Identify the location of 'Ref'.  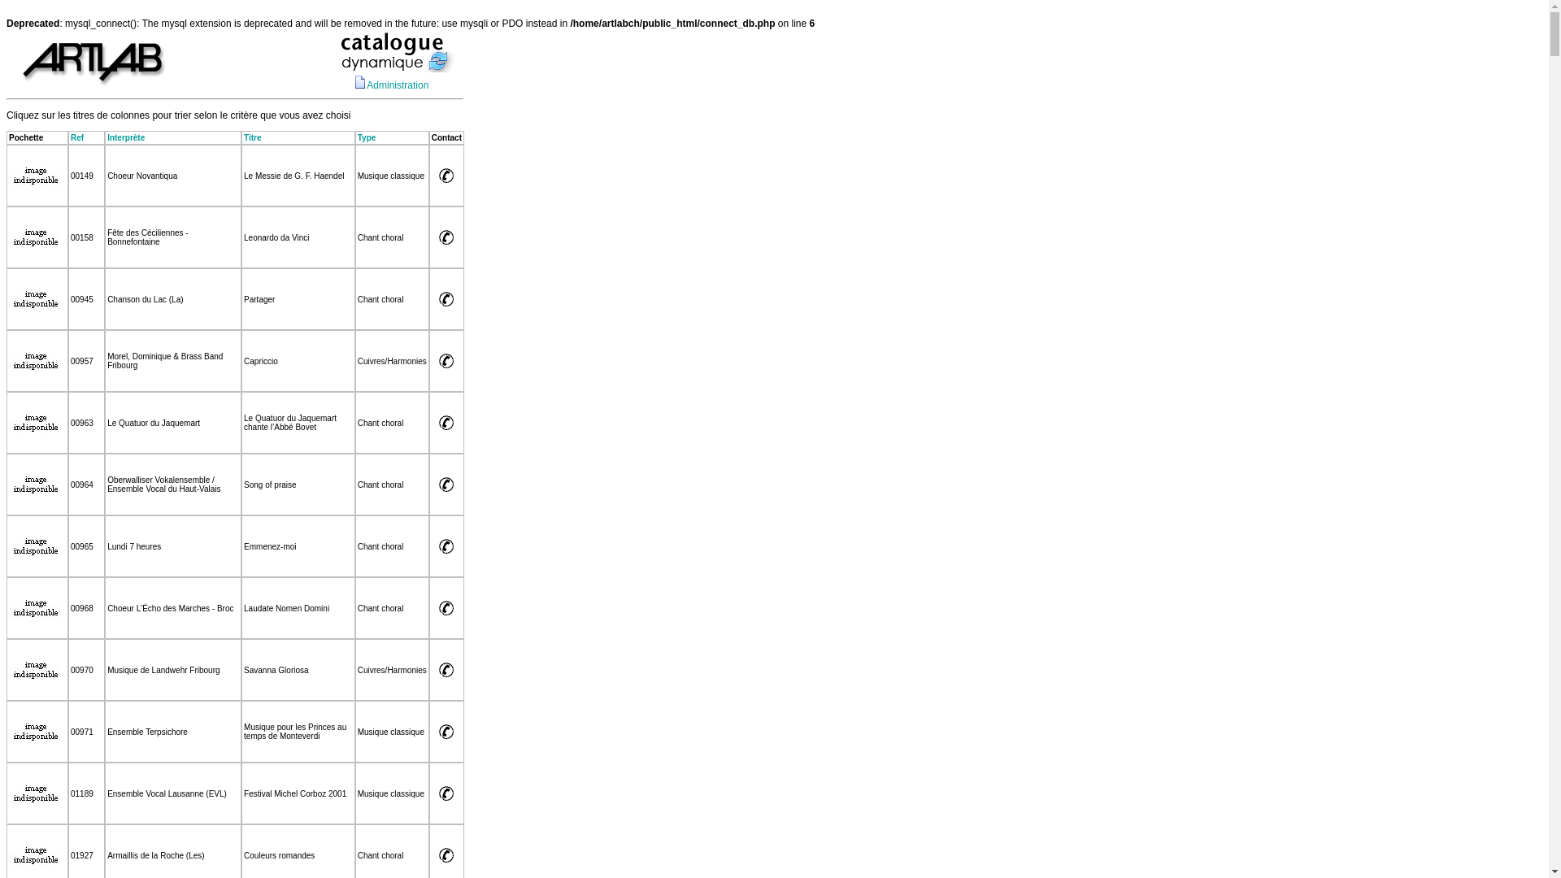
(76, 137).